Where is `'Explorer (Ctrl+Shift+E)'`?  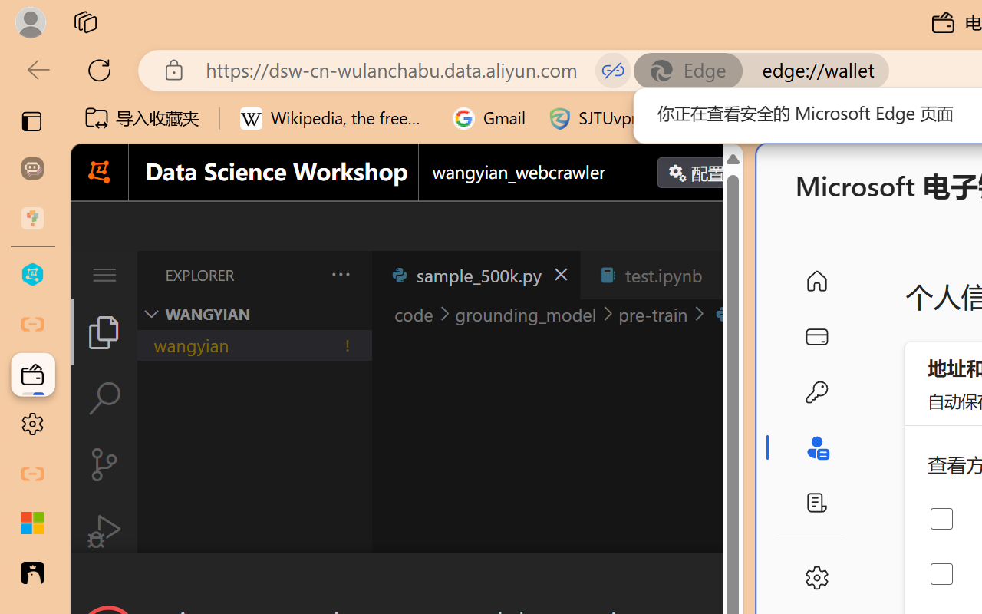
'Explorer (Ctrl+Shift+E)' is located at coordinates (103, 332).